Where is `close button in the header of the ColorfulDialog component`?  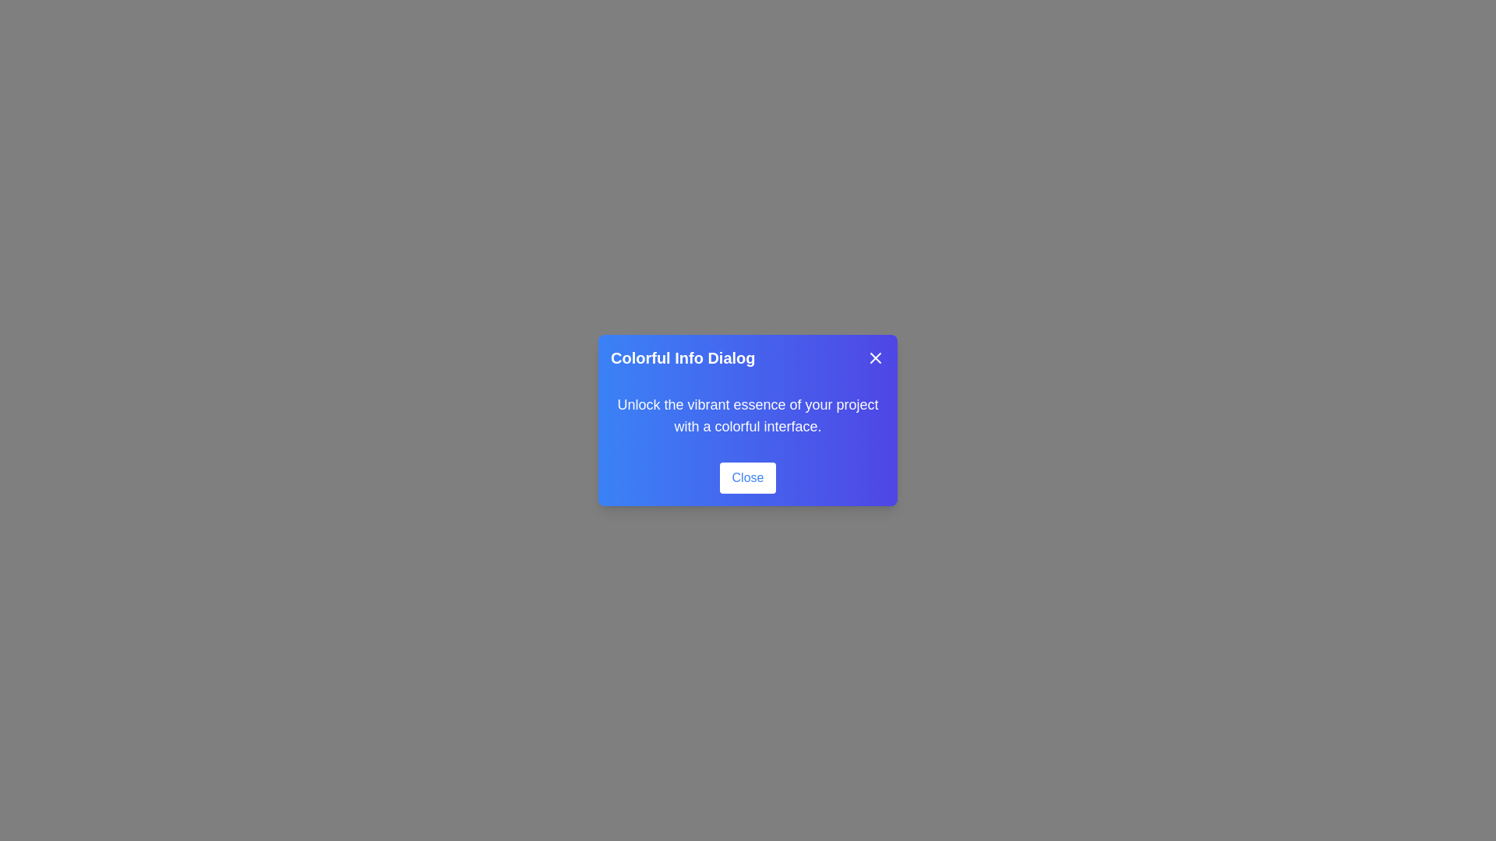
close button in the header of the ColorfulDialog component is located at coordinates (875, 357).